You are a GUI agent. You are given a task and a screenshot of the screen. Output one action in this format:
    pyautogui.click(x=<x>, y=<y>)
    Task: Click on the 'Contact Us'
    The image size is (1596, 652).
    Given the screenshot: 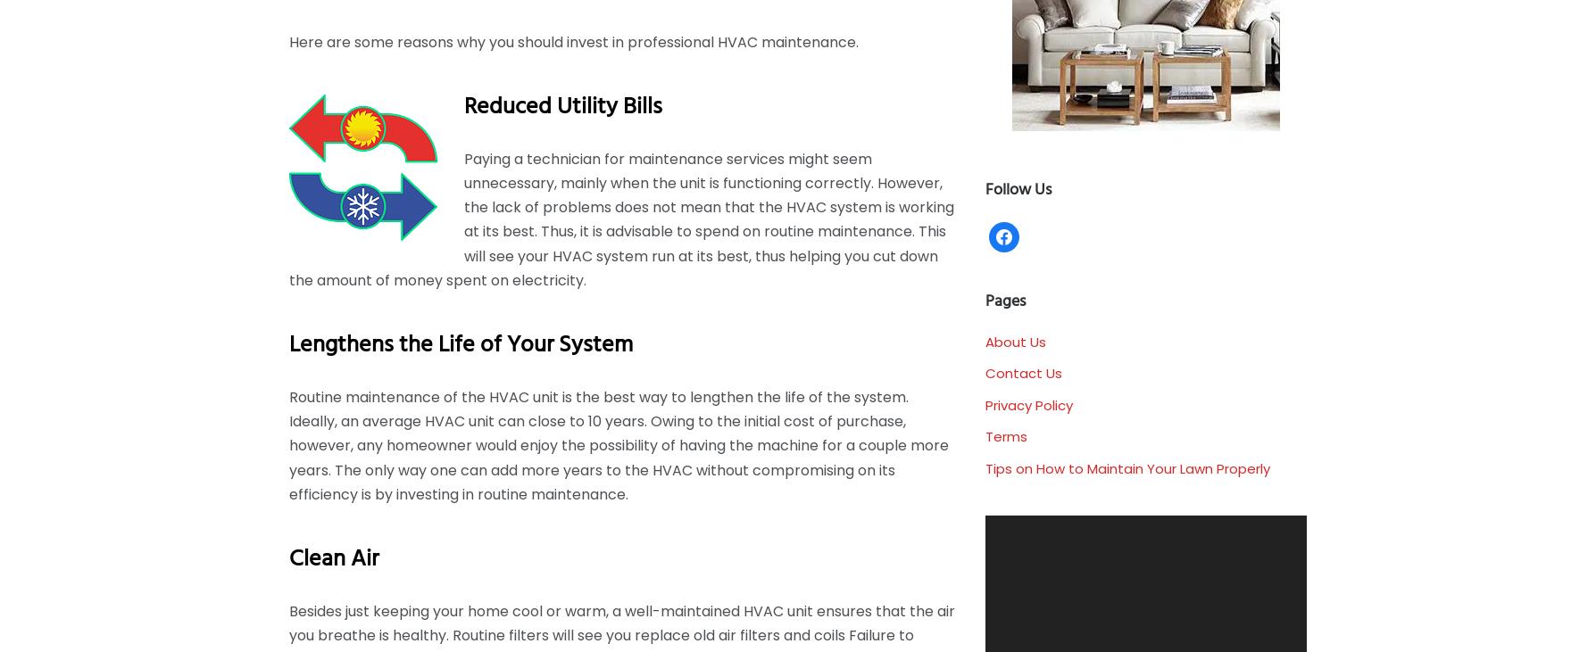 What is the action you would take?
    pyautogui.click(x=985, y=373)
    